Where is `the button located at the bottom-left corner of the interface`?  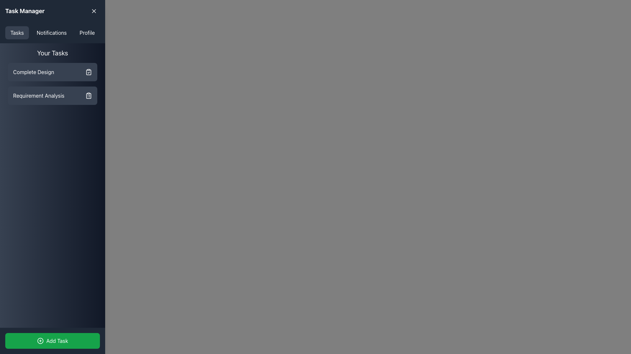
the button located at the bottom-left corner of the interface is located at coordinates (52, 341).